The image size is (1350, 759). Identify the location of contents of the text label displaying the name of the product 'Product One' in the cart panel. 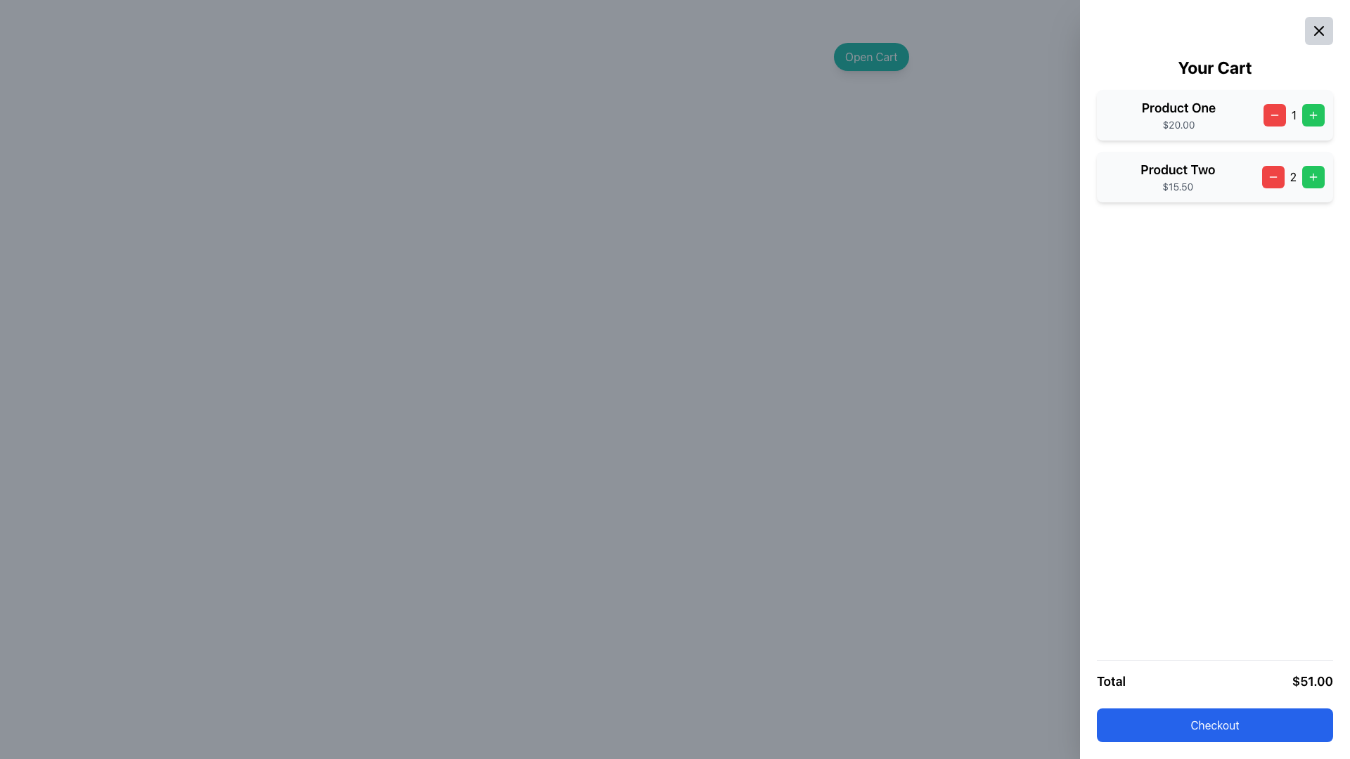
(1178, 108).